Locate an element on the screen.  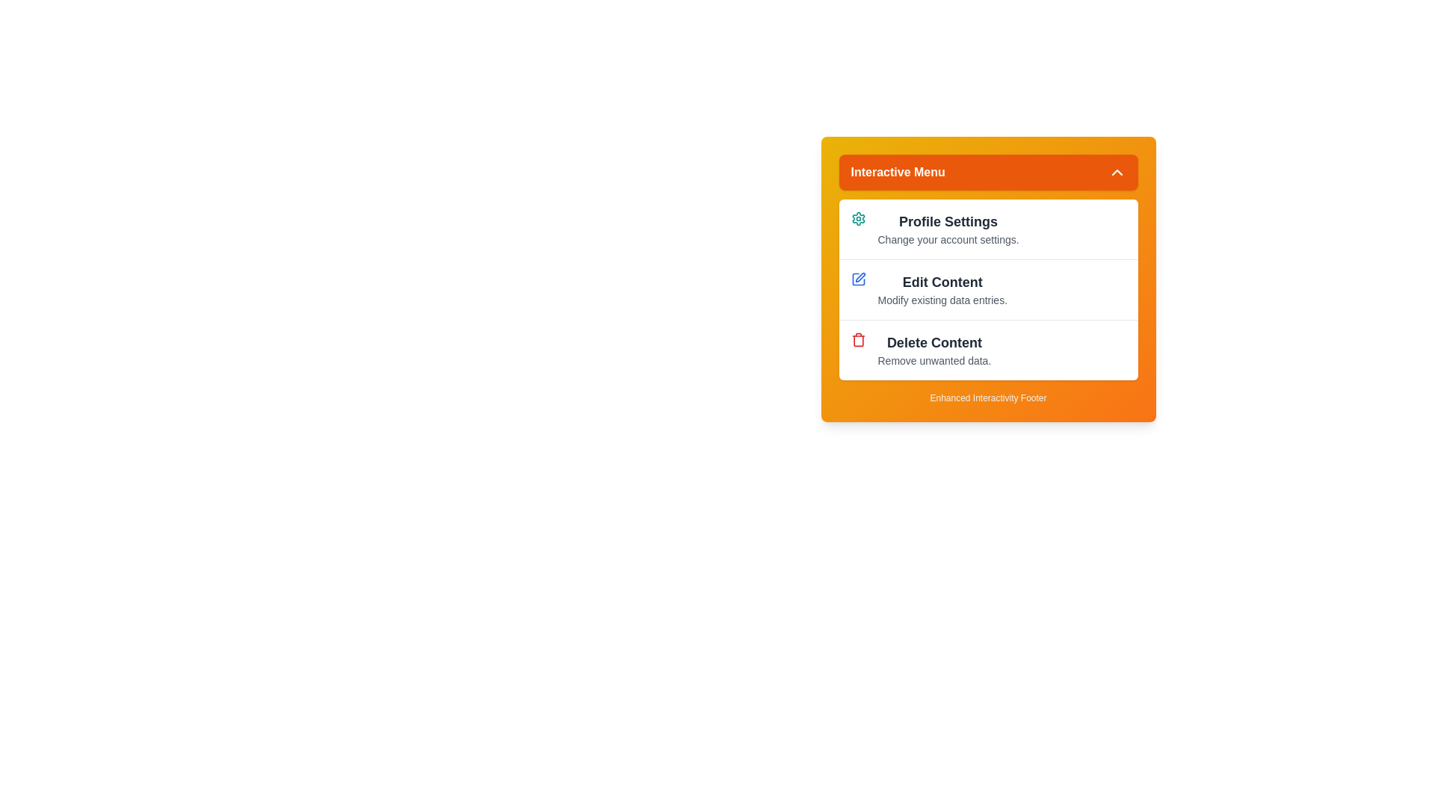
the menu item Edit Content to interact with it is located at coordinates (988, 289).